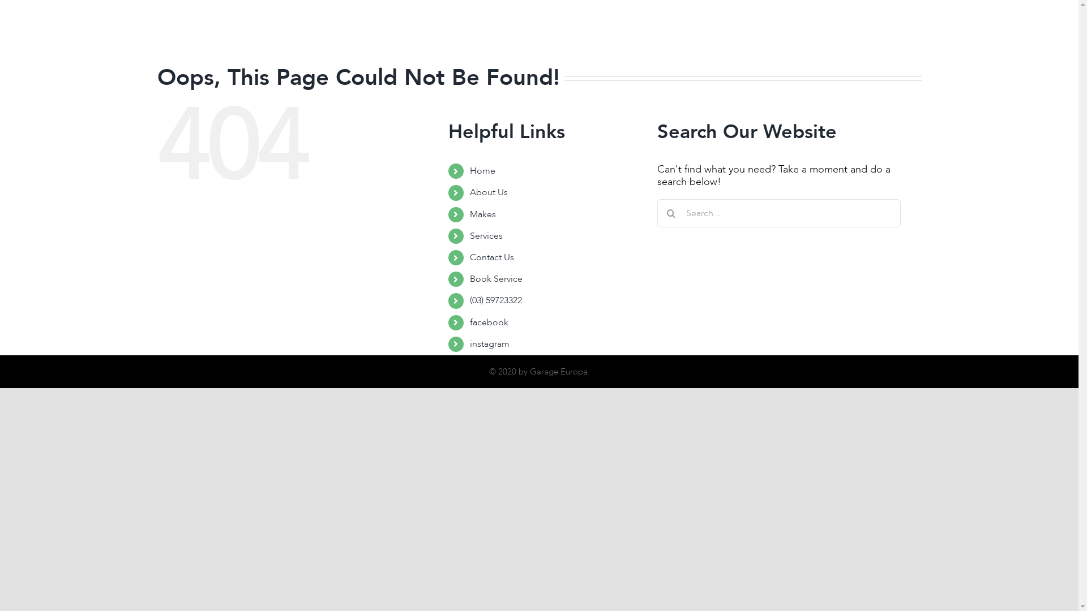 This screenshot has width=1087, height=611. Describe the element at coordinates (482, 28) in the screenshot. I see `'About Us'` at that location.